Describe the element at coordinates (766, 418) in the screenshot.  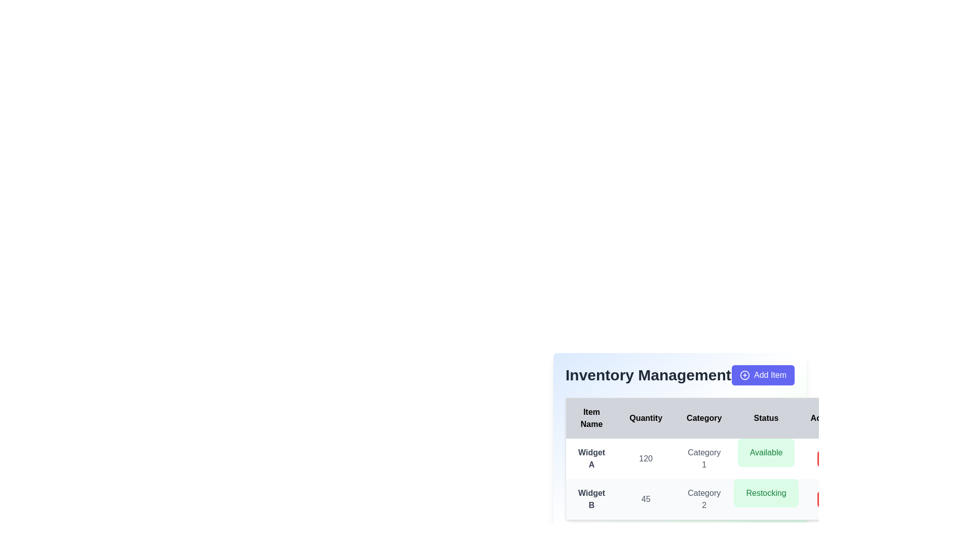
I see `the 'Status' text label, which is the fourth column header in the table located between the 'Category' and 'Actions' headers` at that location.